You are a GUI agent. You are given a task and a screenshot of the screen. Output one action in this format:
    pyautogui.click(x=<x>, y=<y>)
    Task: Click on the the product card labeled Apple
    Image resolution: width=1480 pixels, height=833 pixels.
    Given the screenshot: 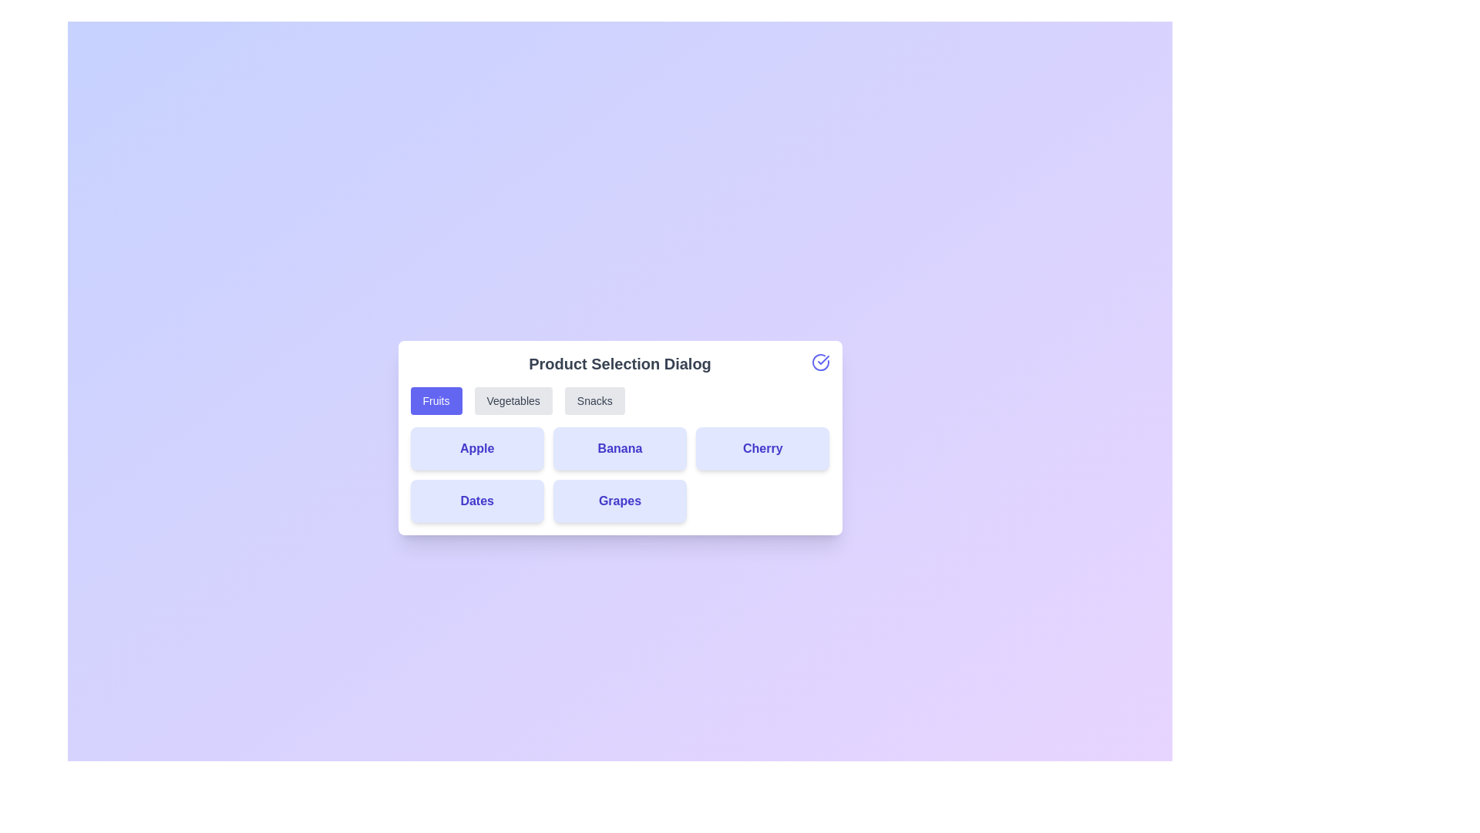 What is the action you would take?
    pyautogui.click(x=476, y=449)
    